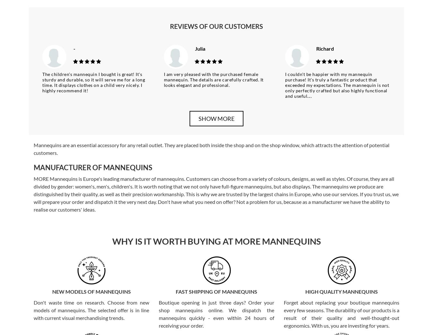 The width and height of the screenshot is (433, 335). I want to click on 'Full-figure mannequins make up the bulk of our range. We have abstract, semi-abstract, realistic and also special mannequins. The former have an egg-shaped head or delicately outlined facial features. The realistic mannequins are equipped with a wig, as well as varied make-up. Our special mannequins are products used to present specific products. We have models called lingerie, plus size, maternity, as well as sports and flexible models. We can offer our customers several options for personalising their mannequins. This will include, for example, ageing, applying graphics or tattoos to the mannequin. We also offer accessories for decorating the mannequin. These include false eyelashes, stickers imitating parts of the face or wigs. We also have platforms, supports and seats that make it easier to position the mannequins correctly.', so click(214, 254).